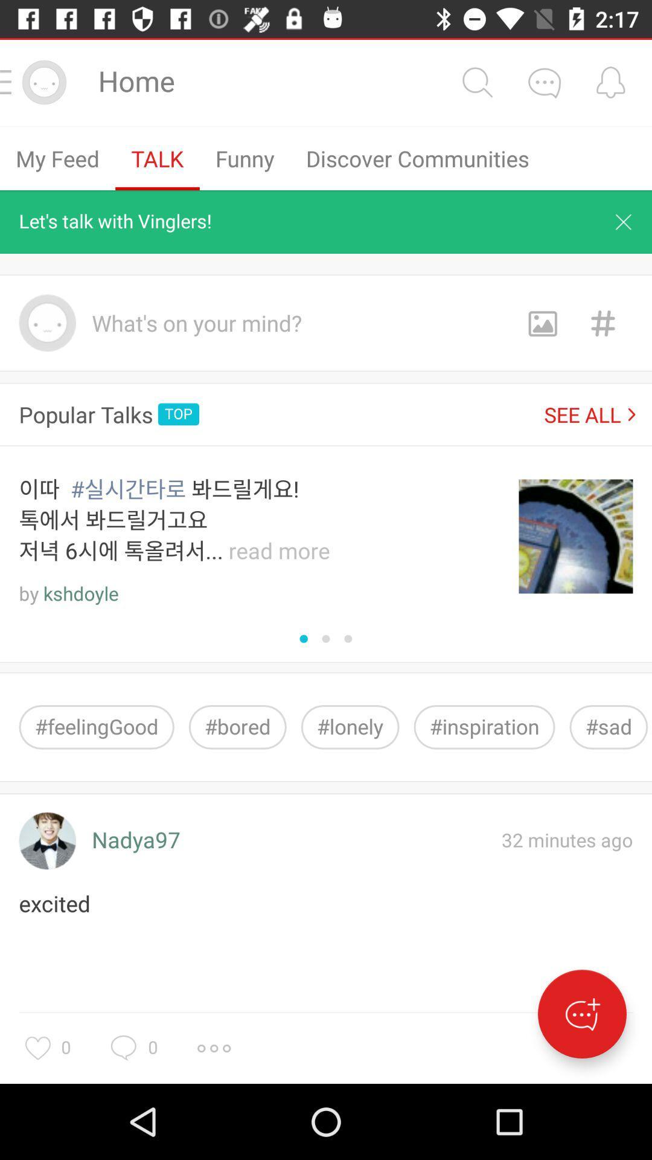 This screenshot has height=1160, width=652. What do you see at coordinates (542, 323) in the screenshot?
I see `share the article` at bounding box center [542, 323].